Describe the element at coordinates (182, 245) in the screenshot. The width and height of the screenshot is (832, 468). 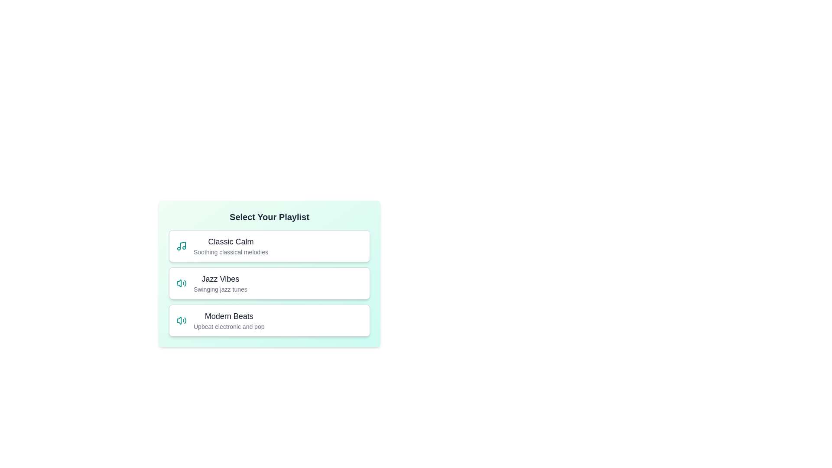
I see `the decorative SVG graphic indicating music or sound within the first music item card labeled 'Classic Calm', located at the top-left of the text inside the card` at that location.